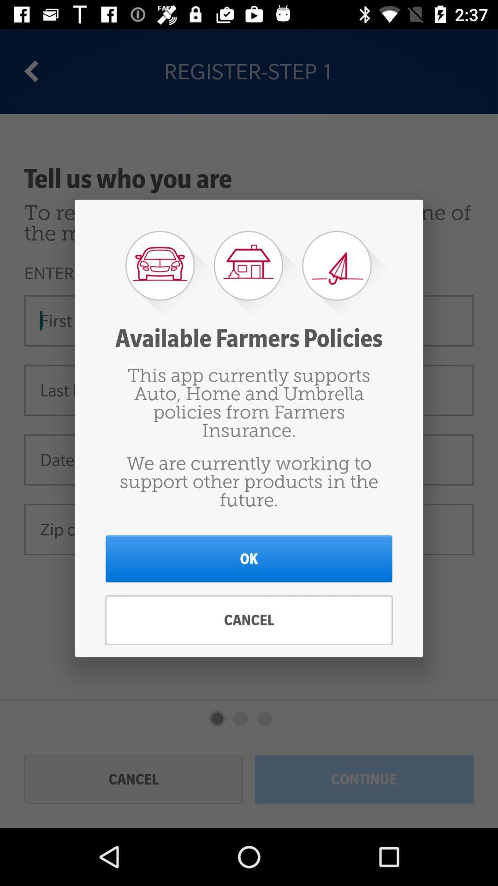  I want to click on ok, so click(249, 558).